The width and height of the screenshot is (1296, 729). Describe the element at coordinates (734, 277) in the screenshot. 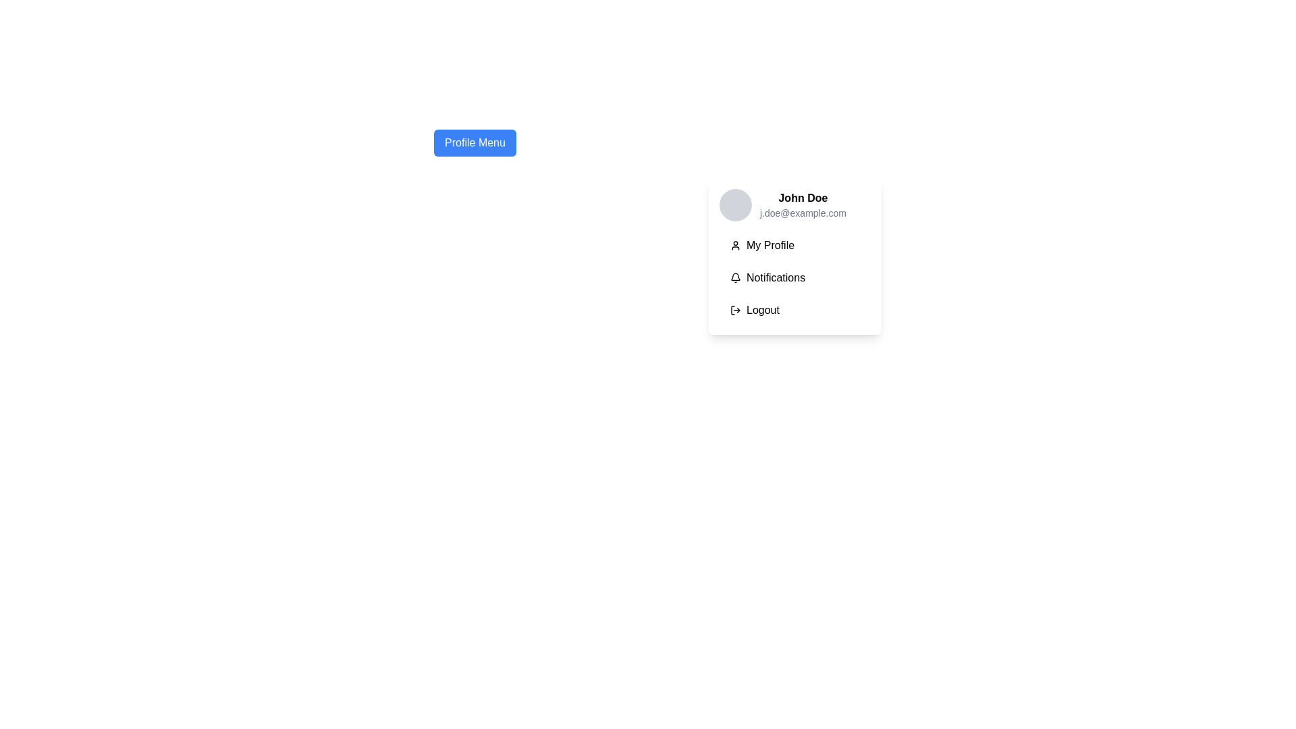

I see `the bell-shaped notification icon located beside the 'Notifications' text` at that location.